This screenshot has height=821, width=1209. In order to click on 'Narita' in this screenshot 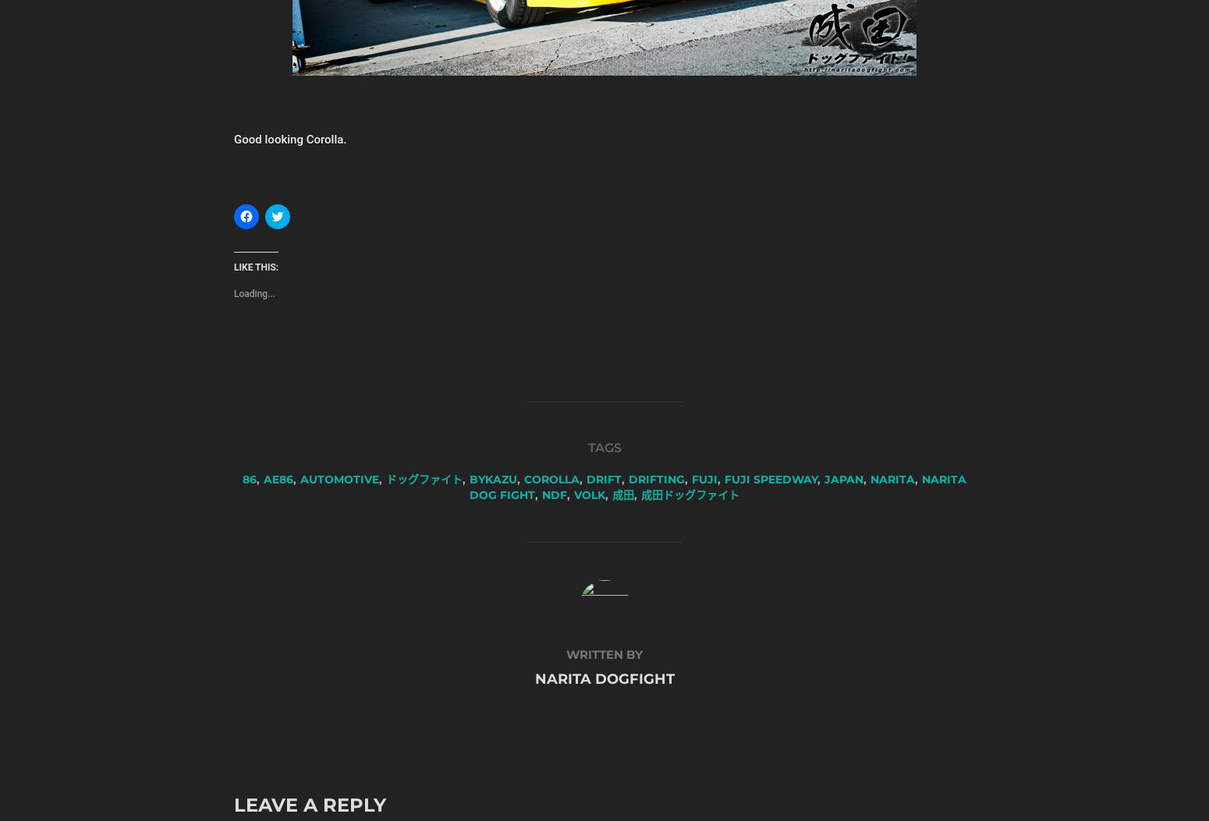, I will do `click(892, 479)`.